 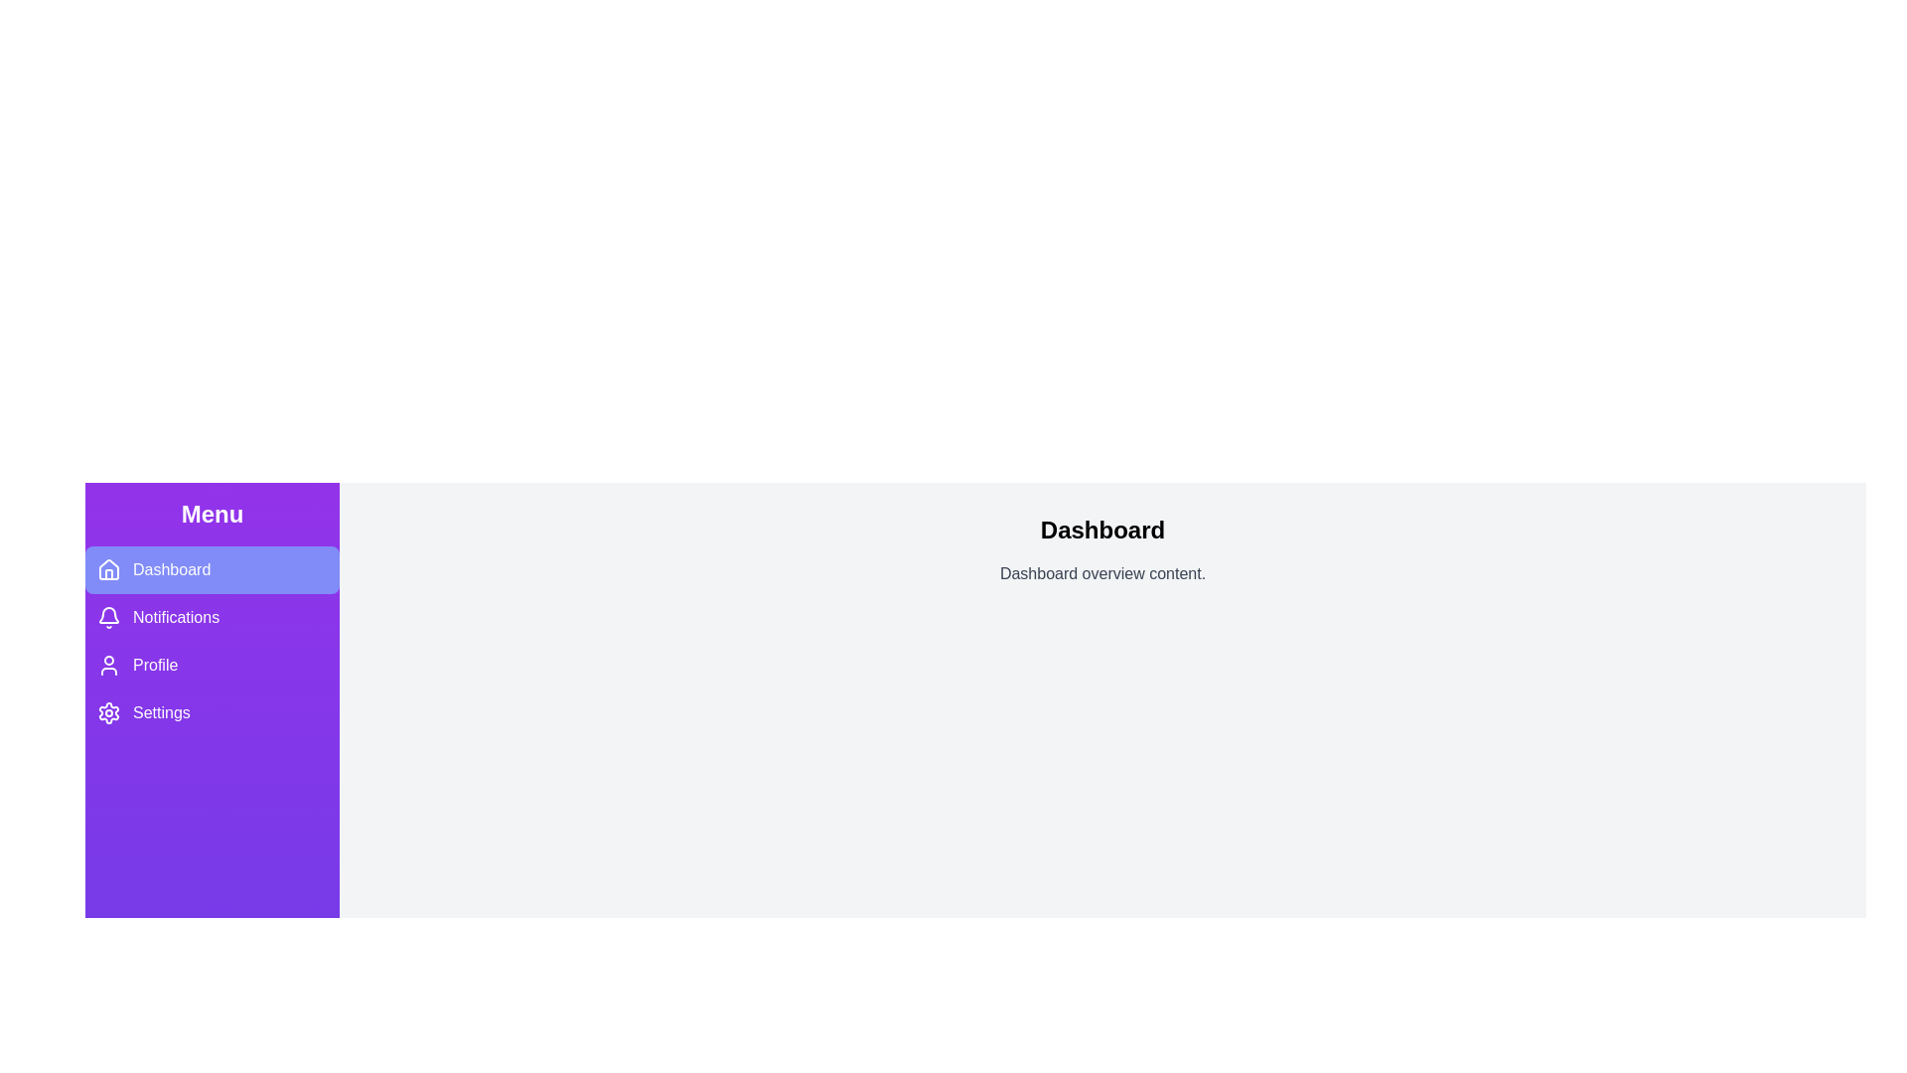 What do you see at coordinates (161, 711) in the screenshot?
I see `the 'Settings' text label in the purple sidebar menu` at bounding box center [161, 711].